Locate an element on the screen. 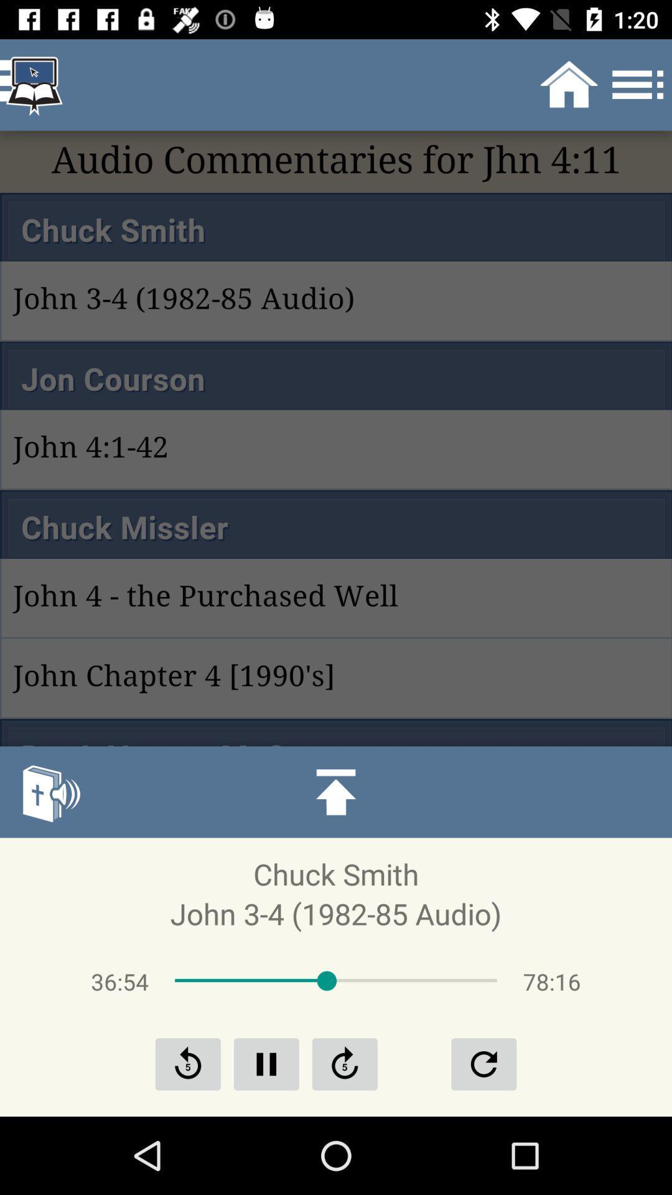 Image resolution: width=672 pixels, height=1195 pixels. the pause icon is located at coordinates (266, 1063).